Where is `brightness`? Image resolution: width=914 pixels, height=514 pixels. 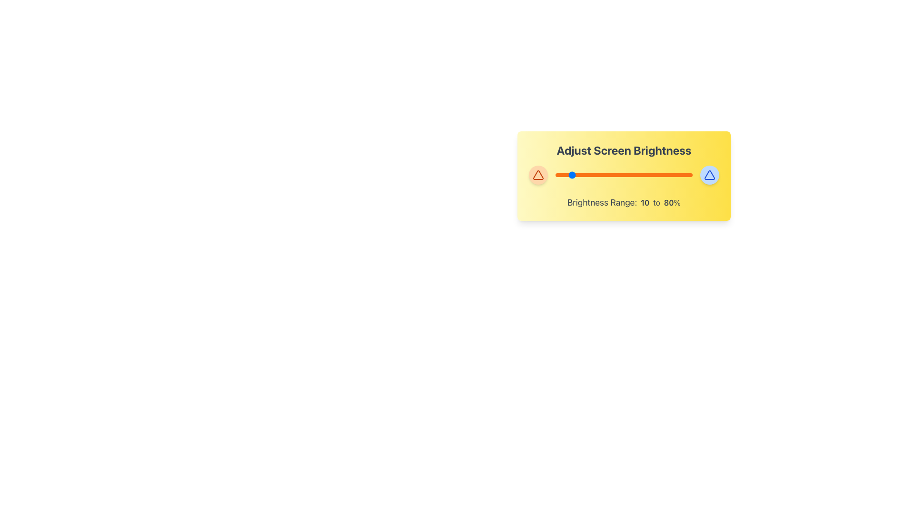
brightness is located at coordinates (580, 175).